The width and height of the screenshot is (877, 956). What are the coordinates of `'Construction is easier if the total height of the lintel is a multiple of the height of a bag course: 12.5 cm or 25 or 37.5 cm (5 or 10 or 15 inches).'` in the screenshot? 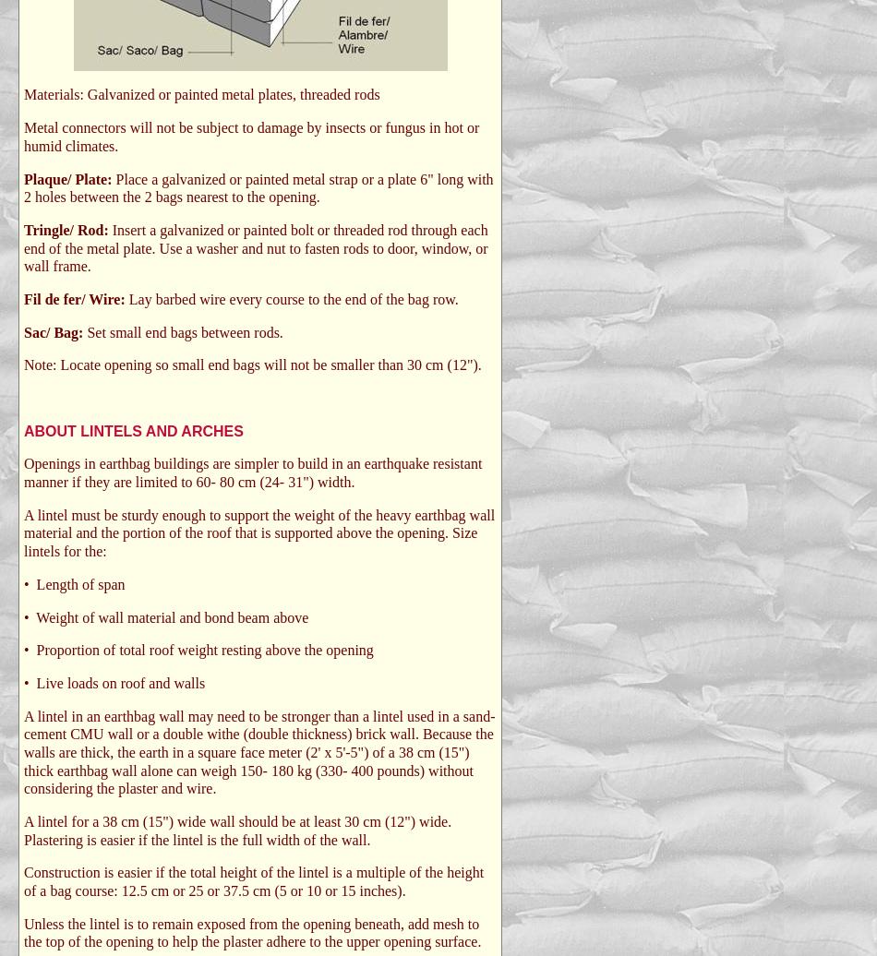 It's located at (253, 881).